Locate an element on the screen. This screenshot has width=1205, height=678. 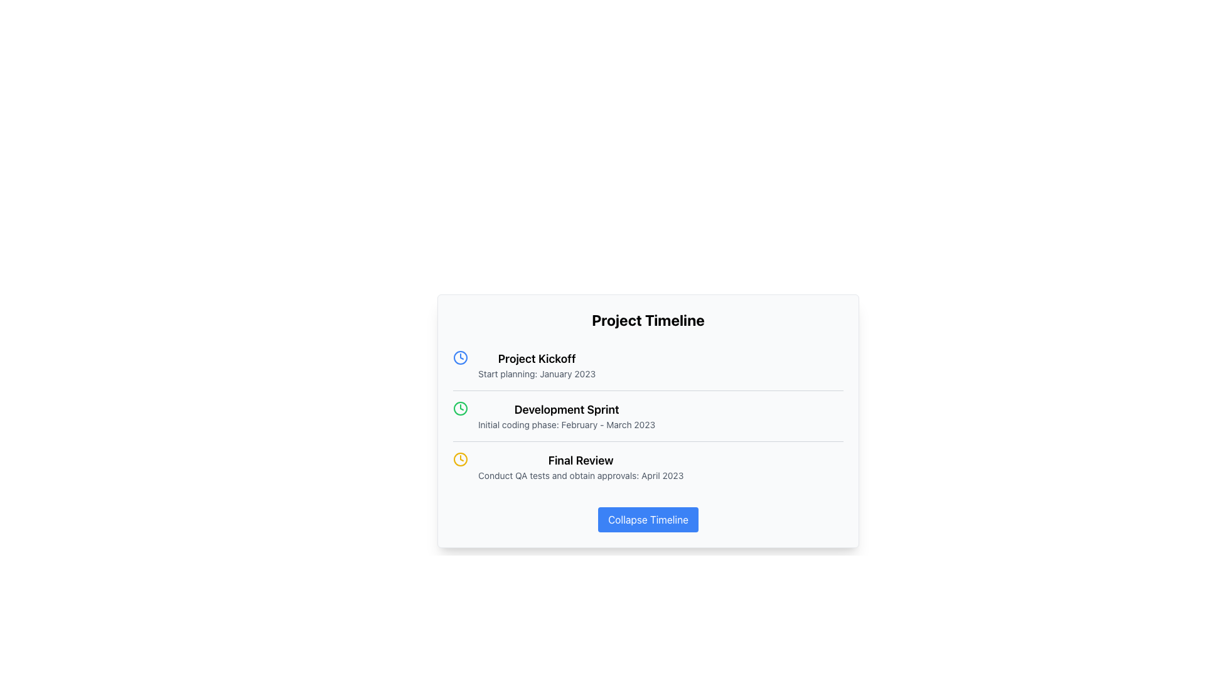
displayed text for the 'Development Sprint' phase of the project, which is the second item in the vertical timeline layout is located at coordinates (566, 416).